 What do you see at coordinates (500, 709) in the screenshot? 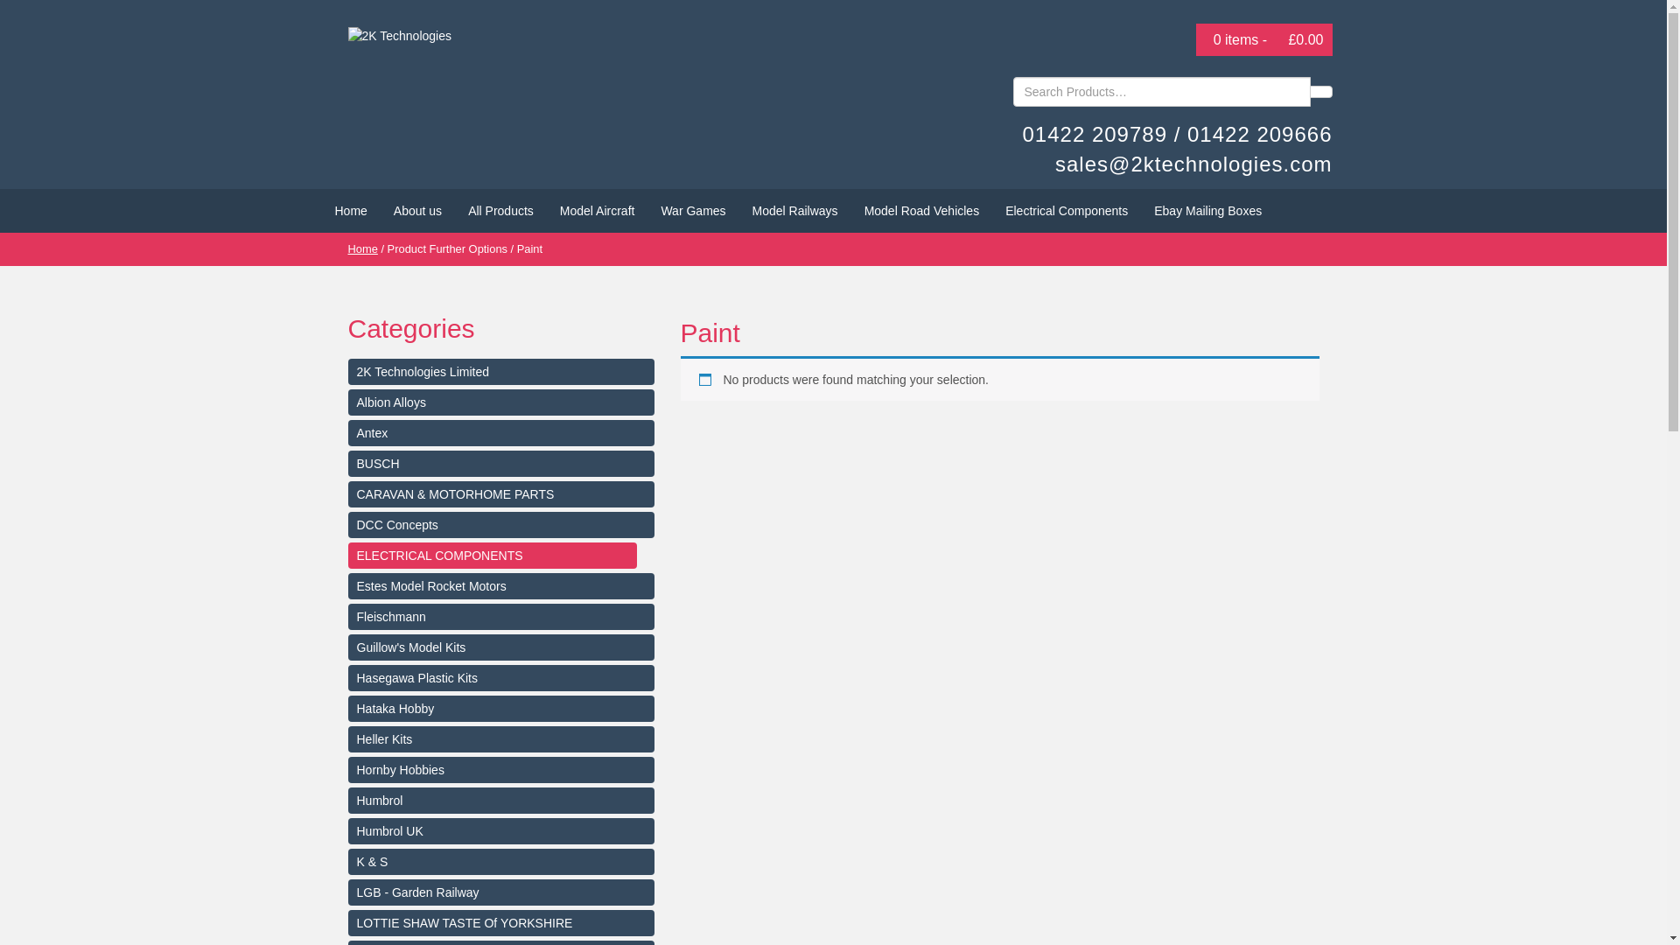
I see `'Hataka Hobby'` at bounding box center [500, 709].